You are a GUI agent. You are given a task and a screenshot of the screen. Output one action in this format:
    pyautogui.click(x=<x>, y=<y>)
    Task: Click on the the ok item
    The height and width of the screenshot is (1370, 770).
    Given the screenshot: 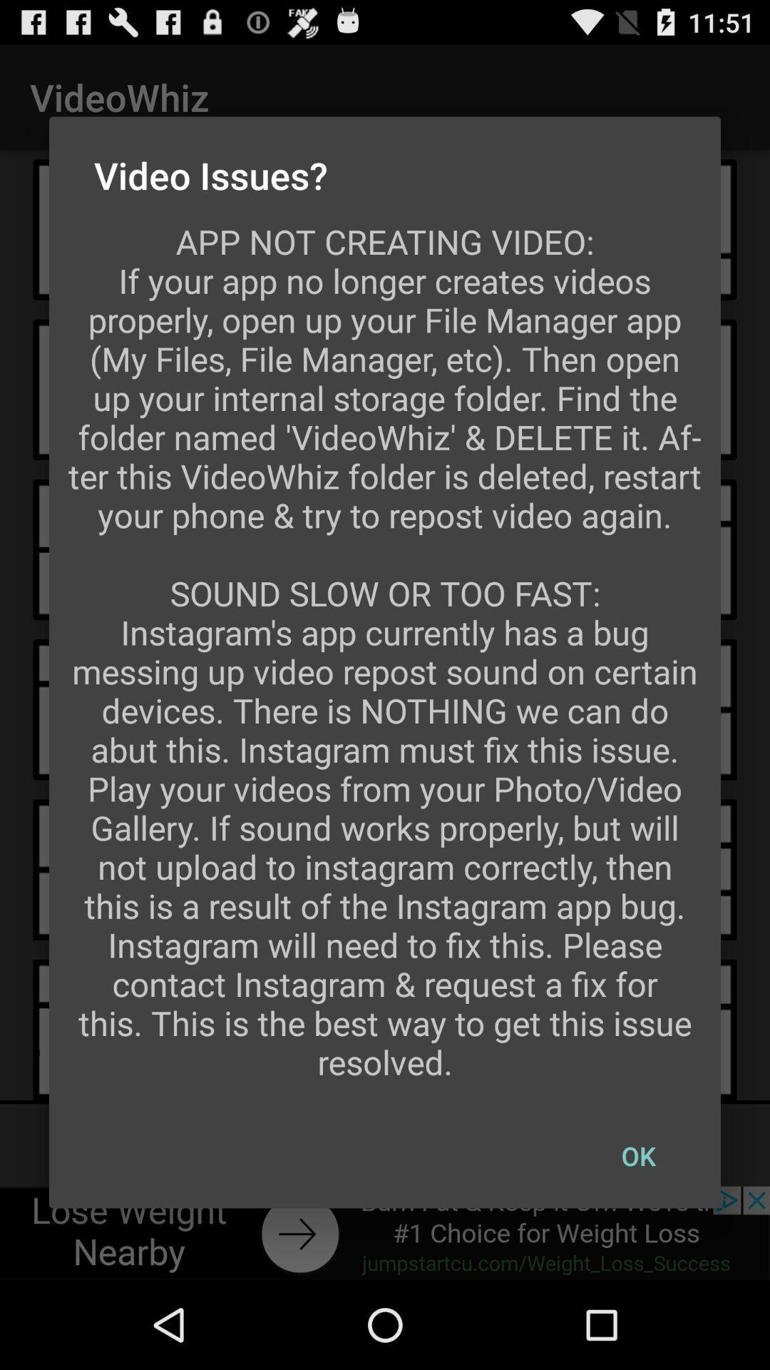 What is the action you would take?
    pyautogui.click(x=637, y=1156)
    